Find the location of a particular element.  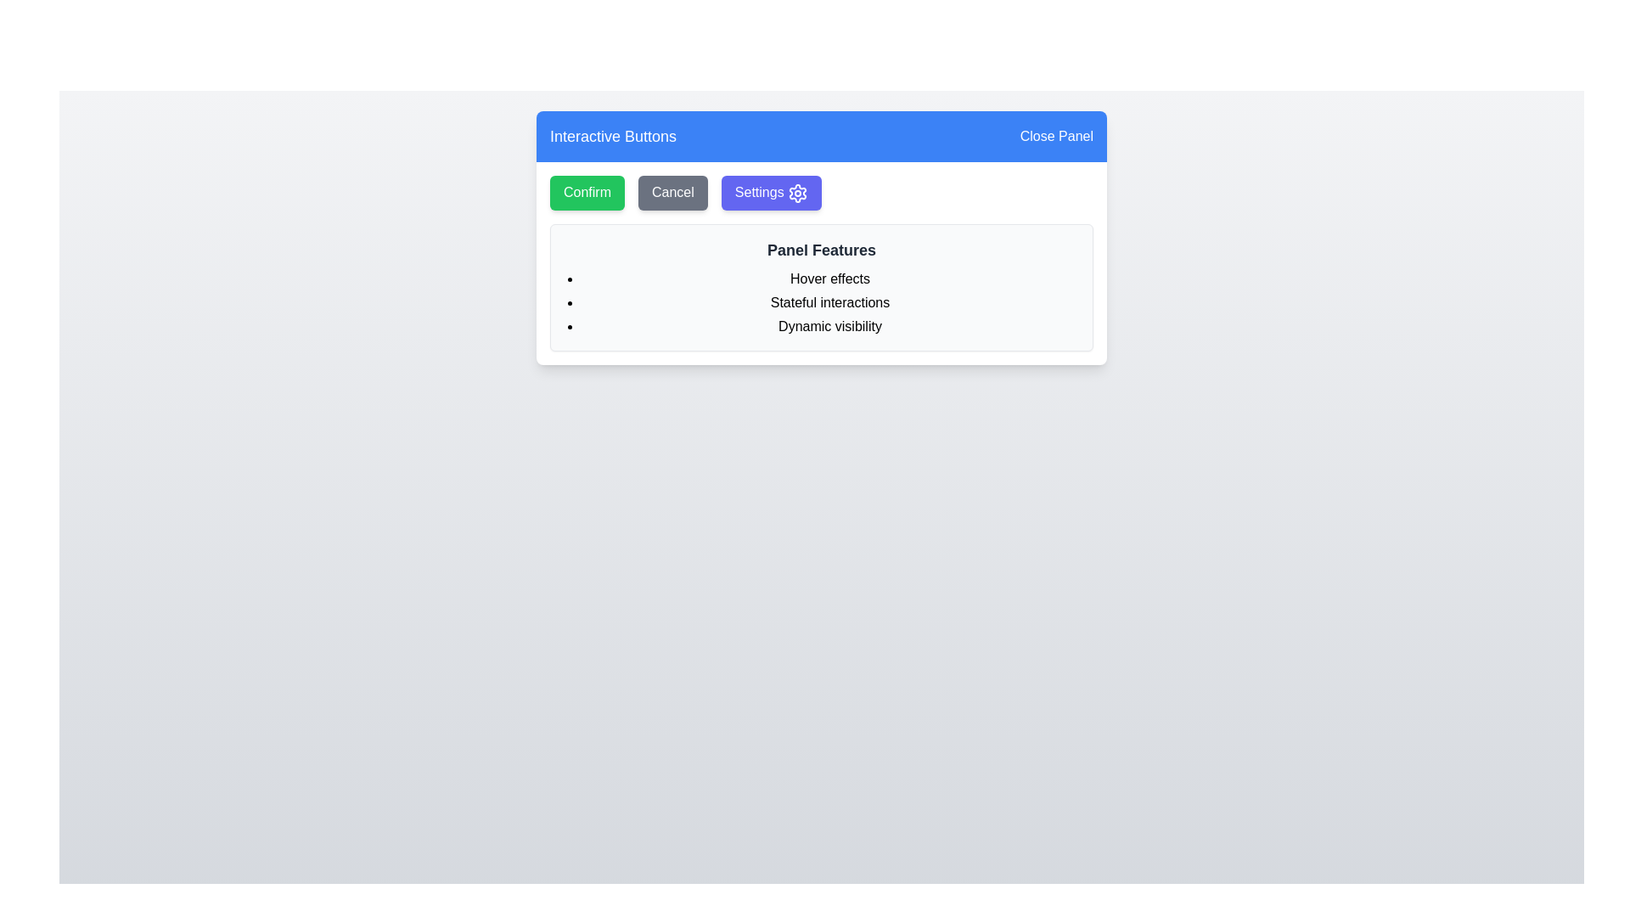

the Display Panel, which is a rectangular box with a white background, rounded corners, and contains textual instructions and a prominent heading, positioned beneath a blue header and above a gray background is located at coordinates (822, 238).